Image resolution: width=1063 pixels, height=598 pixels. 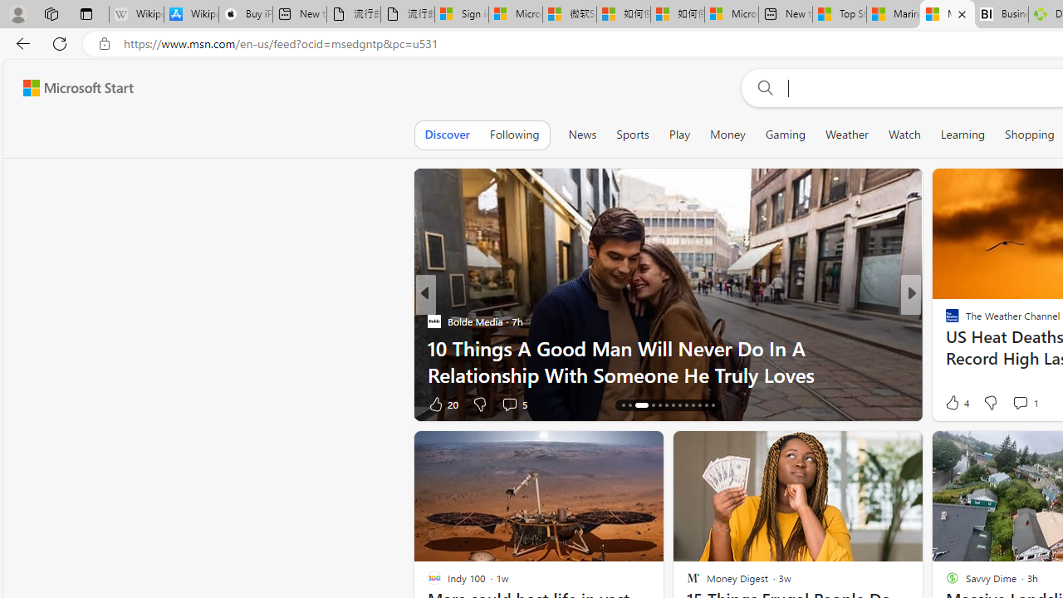 What do you see at coordinates (954, 404) in the screenshot?
I see `'12 Like'` at bounding box center [954, 404].